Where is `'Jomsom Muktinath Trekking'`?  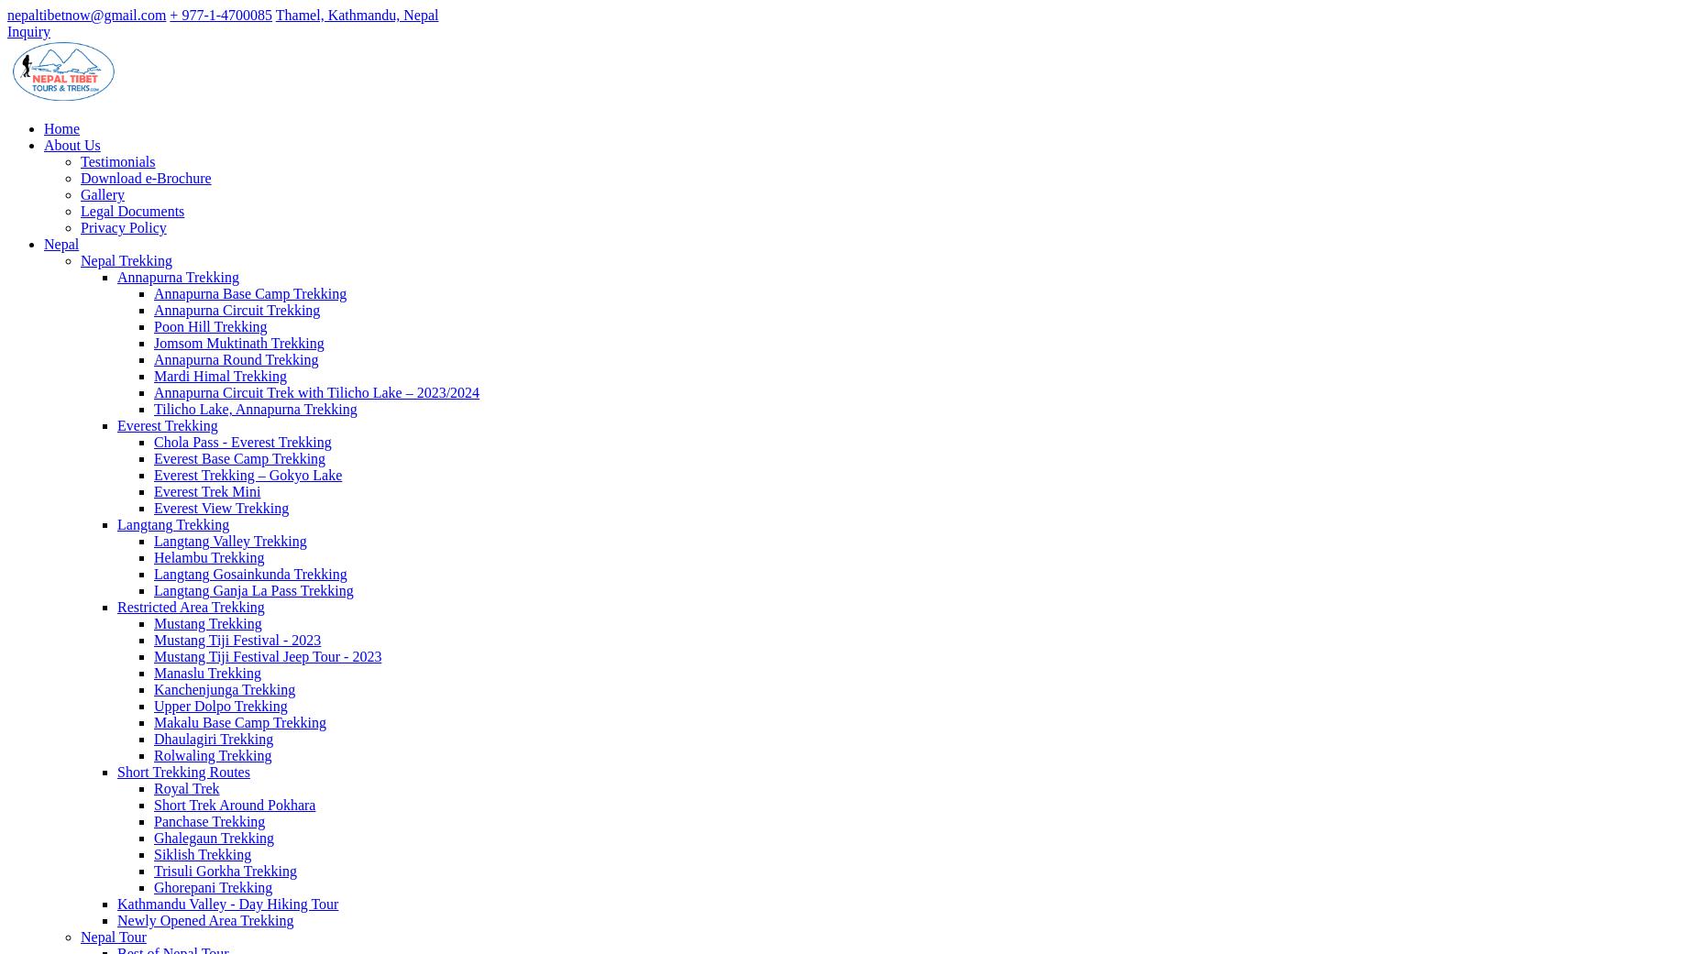
'Jomsom Muktinath Trekking' is located at coordinates (152, 343).